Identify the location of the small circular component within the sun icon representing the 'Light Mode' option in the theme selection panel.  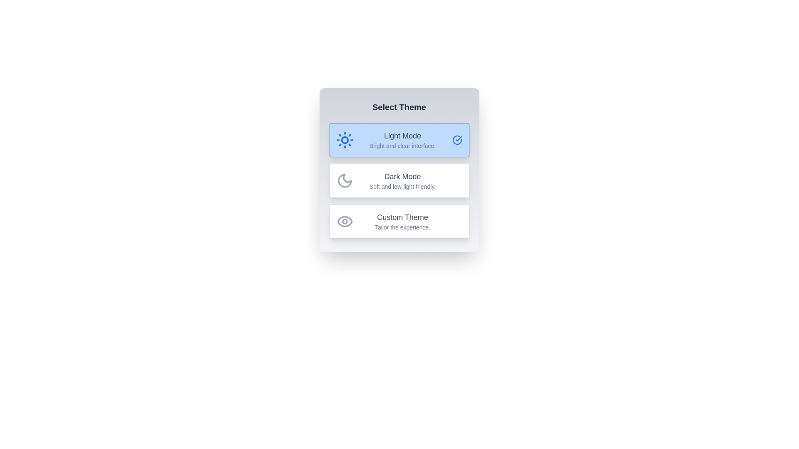
(345, 139).